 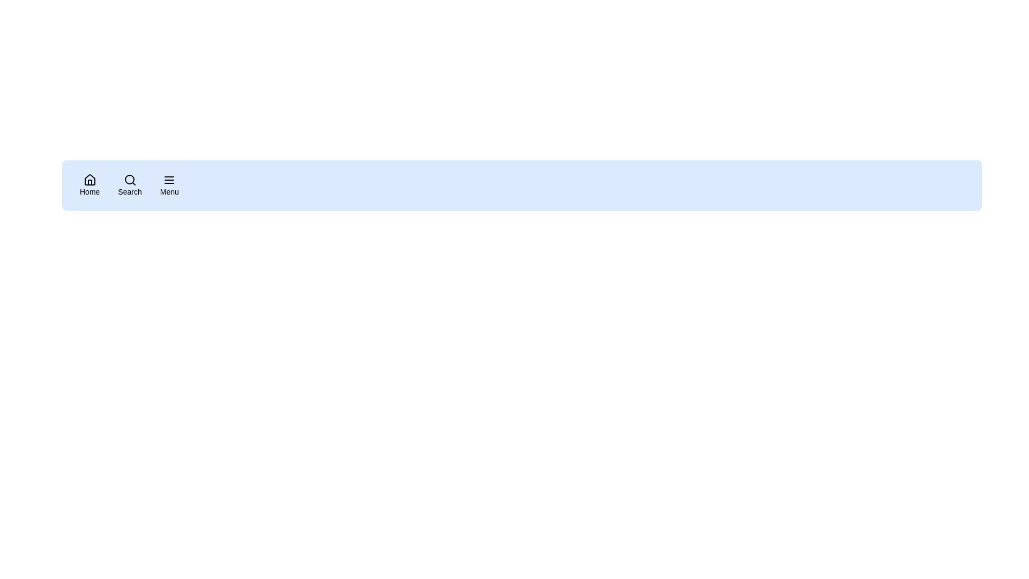 I want to click on the static text label that describes the search icon, located centrally beneath the search icon in the navigation bar, so click(x=129, y=191).